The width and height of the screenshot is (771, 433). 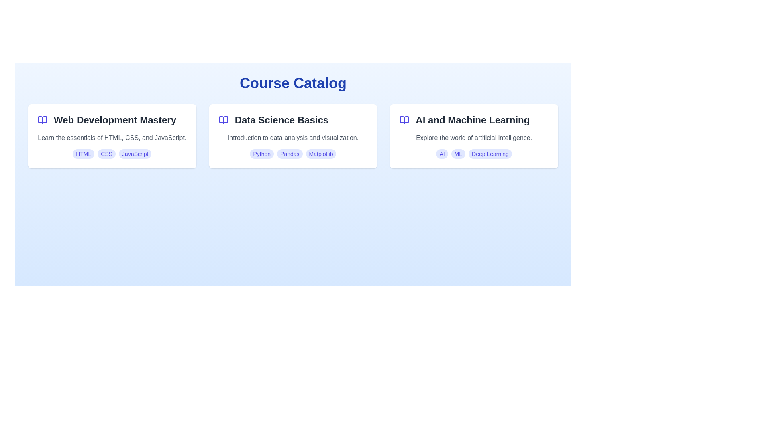 What do you see at coordinates (458, 154) in the screenshot?
I see `the 'ML' badge, which is a small, rounded rectangular label with a light indigo background and darker indigo text, positioned as the second badge in a horizontal group of three badges labeled 'AI', 'ML', and 'Deep Learning'` at bounding box center [458, 154].